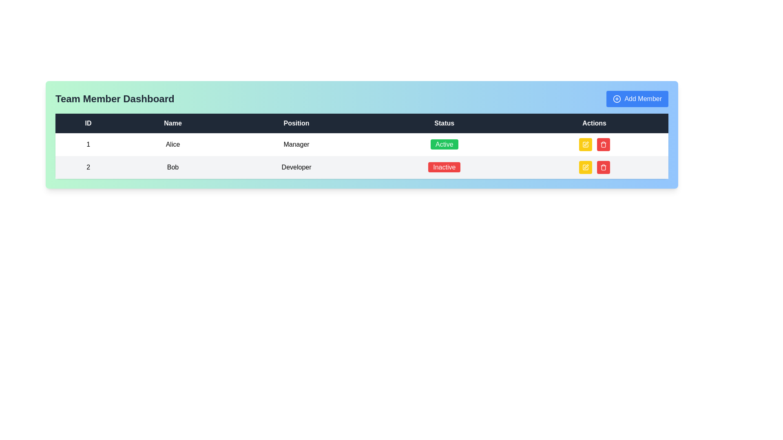 This screenshot has height=440, width=783. I want to click on the static text displaying the numeral '1' located in the 'ID' column of the first row corresponding to 'Alice' in the table, so click(88, 144).